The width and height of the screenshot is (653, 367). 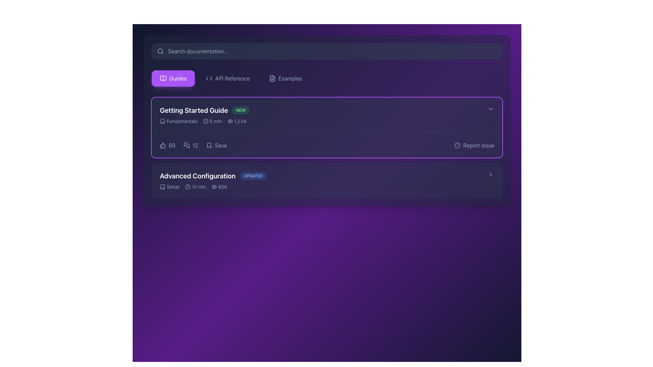 What do you see at coordinates (232, 78) in the screenshot?
I see `the text link labeled 'API Reference' located in the navigation bar, which appears to the right of the 'Guides' button and to the left of the 'Examples' button` at bounding box center [232, 78].